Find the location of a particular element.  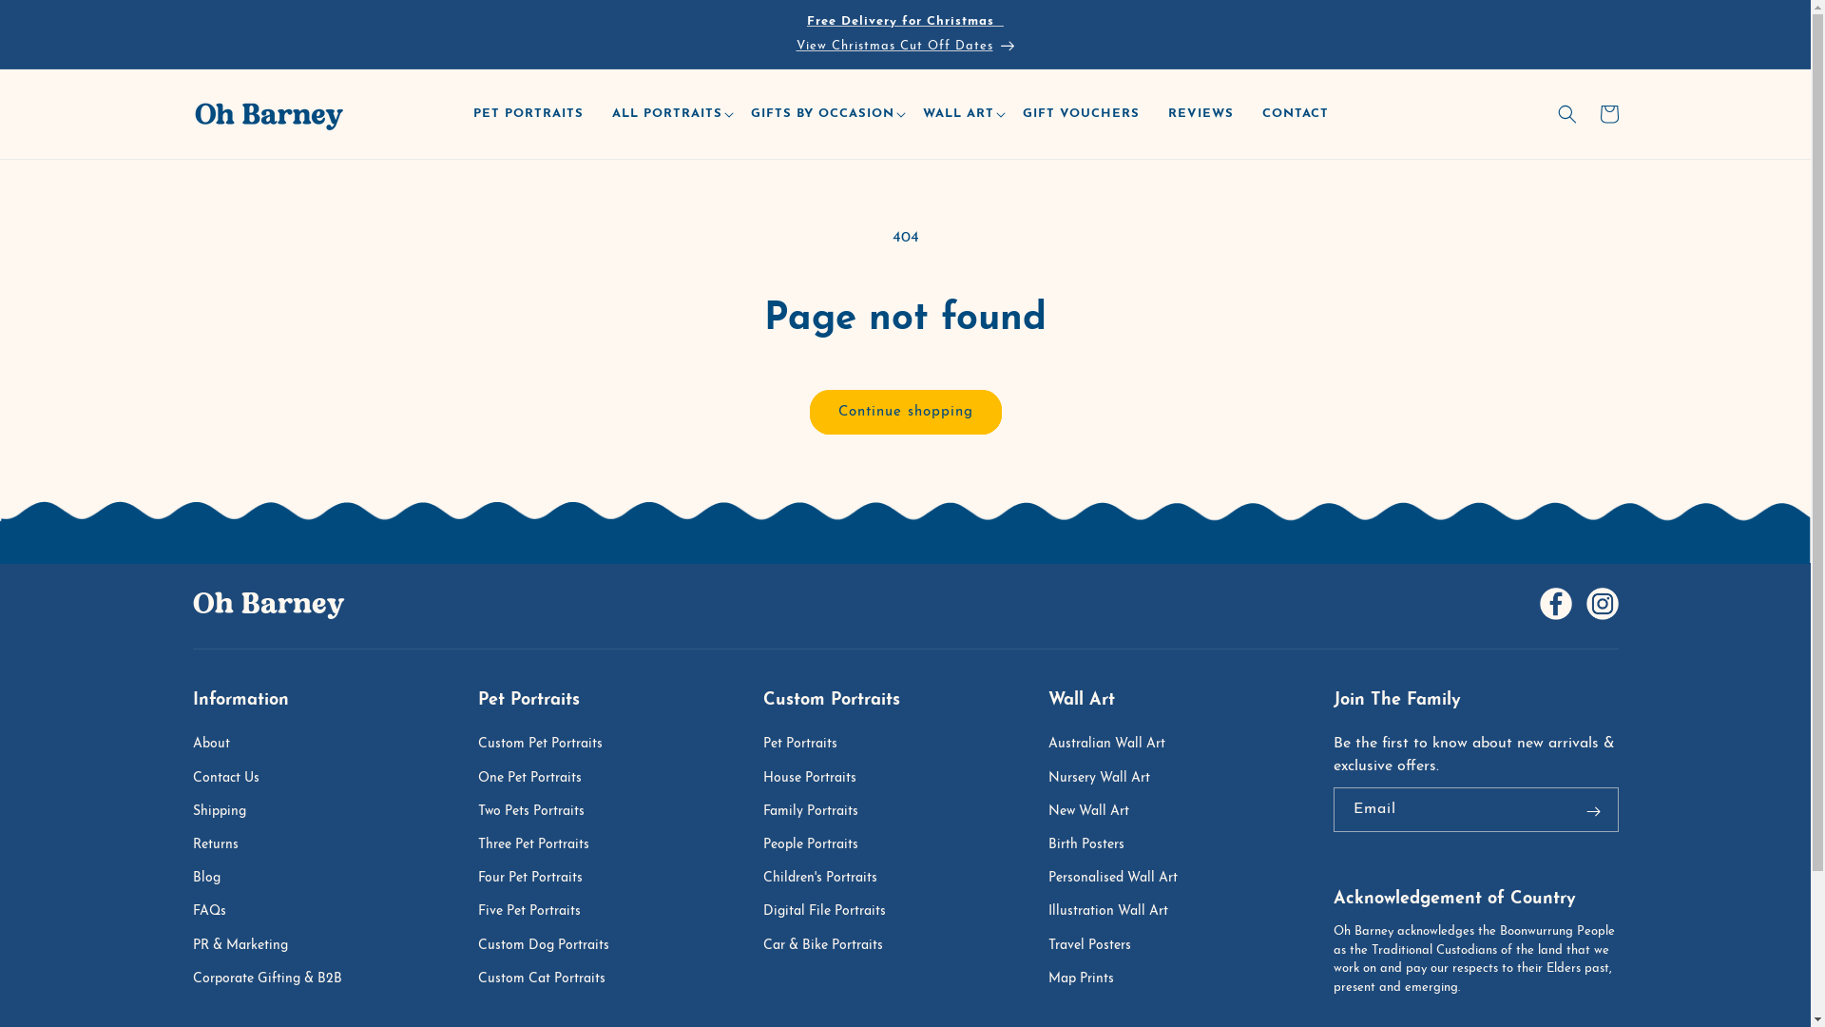

'PR & Marketing' is located at coordinates (248, 945).